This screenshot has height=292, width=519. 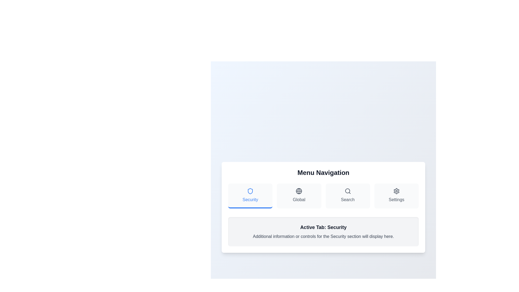 What do you see at coordinates (396, 196) in the screenshot?
I see `the Settings tab by clicking on it` at bounding box center [396, 196].